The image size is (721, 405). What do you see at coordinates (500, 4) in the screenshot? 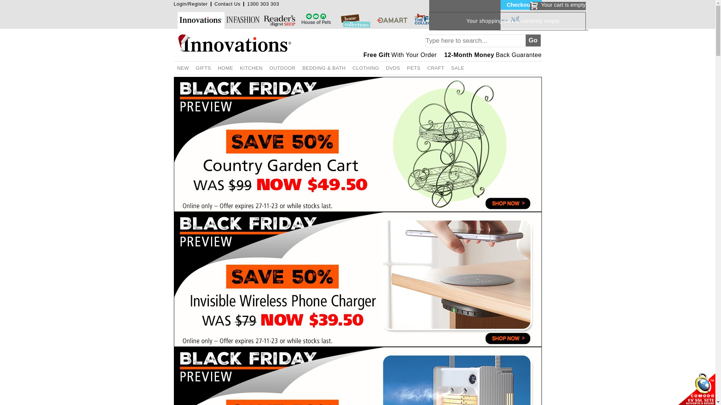
I see `'Checkout >'` at bounding box center [500, 4].